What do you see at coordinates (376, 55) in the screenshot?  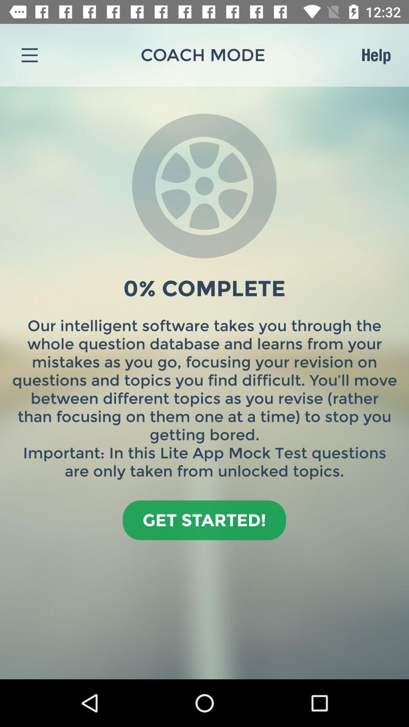 I see `icon above our intelligent software icon` at bounding box center [376, 55].